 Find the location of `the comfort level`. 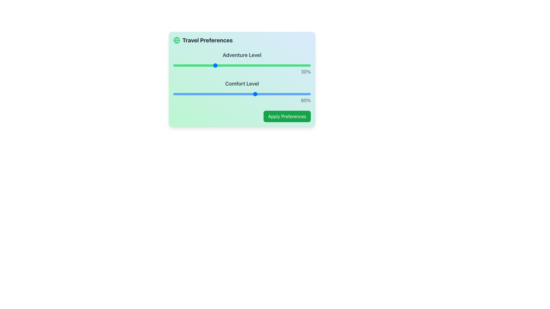

the comfort level is located at coordinates (231, 94).